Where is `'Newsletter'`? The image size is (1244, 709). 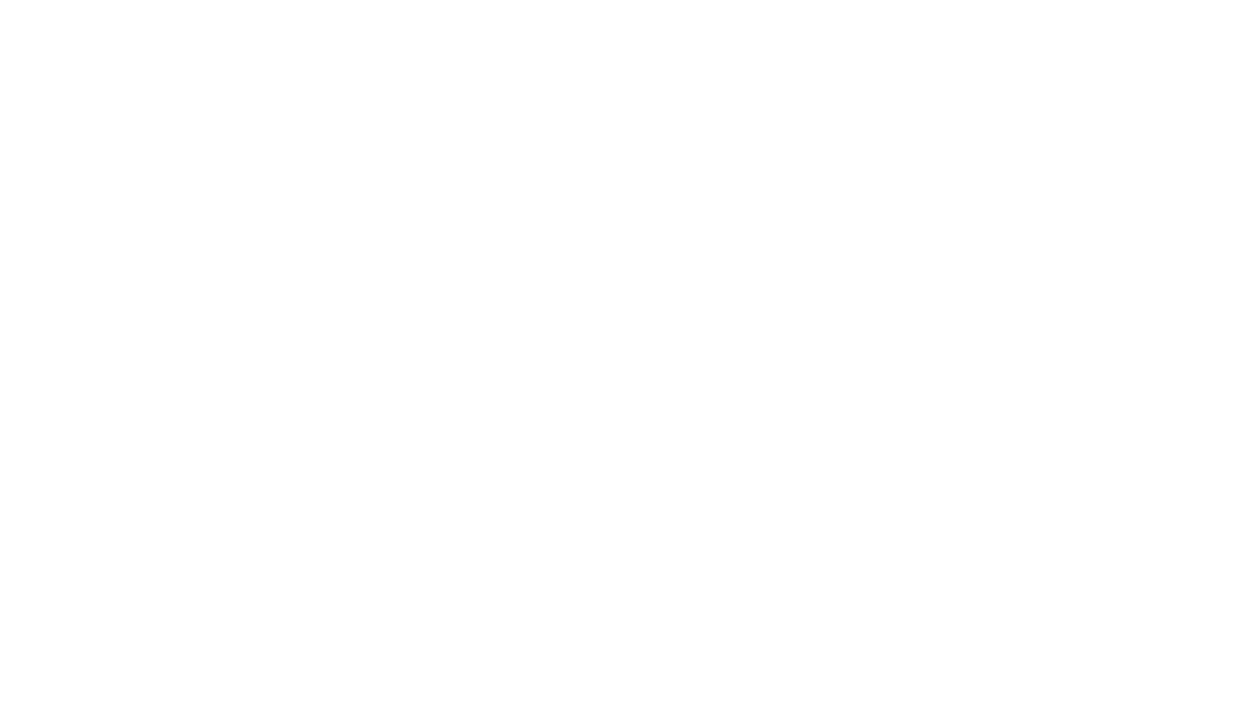
'Newsletter' is located at coordinates (343, 593).